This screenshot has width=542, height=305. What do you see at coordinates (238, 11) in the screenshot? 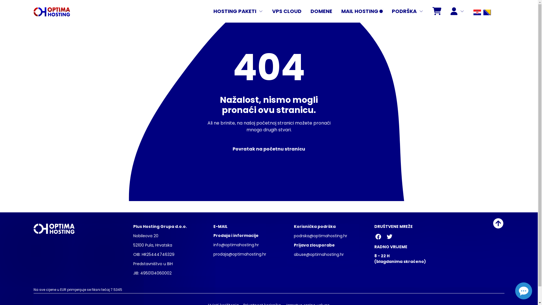
I see `'HOSTING PAKETI'` at bounding box center [238, 11].